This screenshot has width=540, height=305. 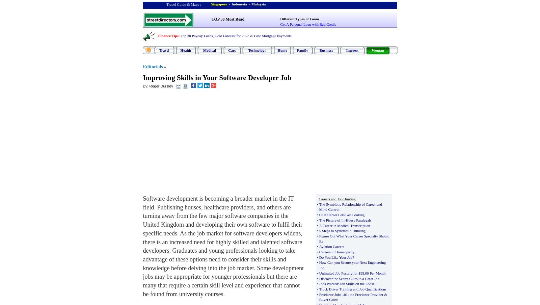 I want to click on 'Buyer Guide', so click(x=318, y=300).